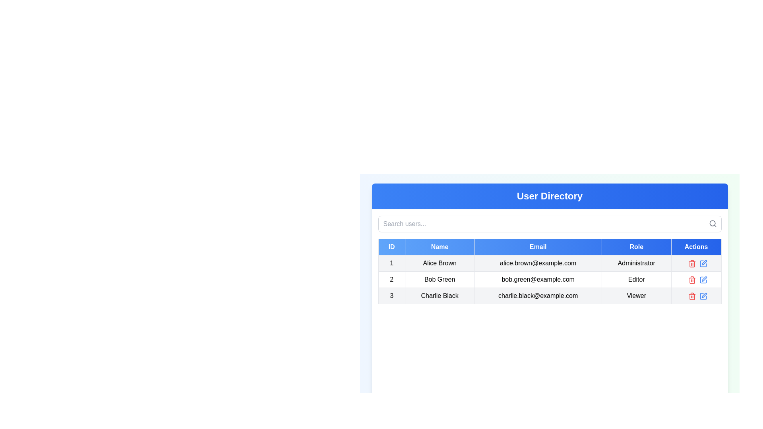 Image resolution: width=763 pixels, height=429 pixels. What do you see at coordinates (704, 263) in the screenshot?
I see `the edit icon button in the actions column for the user 'Bob Green' to initiate the edit action` at bounding box center [704, 263].